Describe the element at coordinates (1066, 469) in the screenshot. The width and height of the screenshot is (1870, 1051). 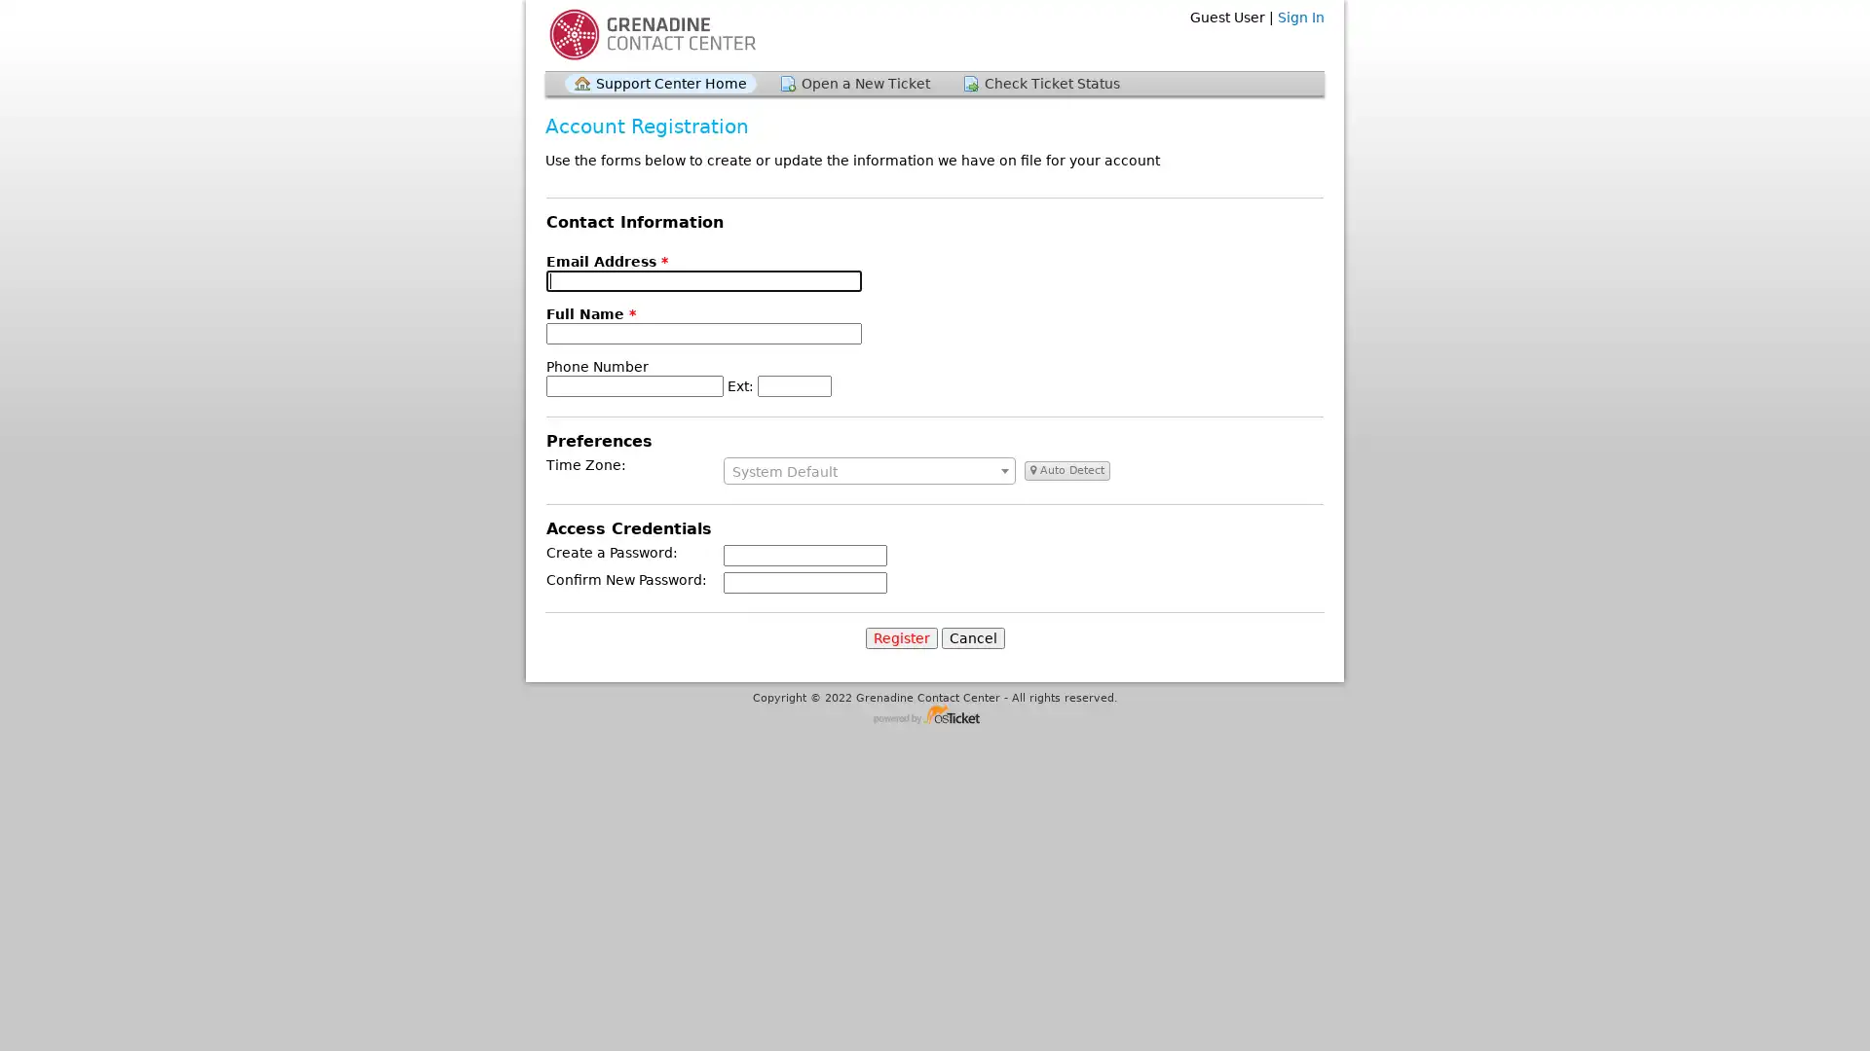
I see `Auto Detect` at that location.